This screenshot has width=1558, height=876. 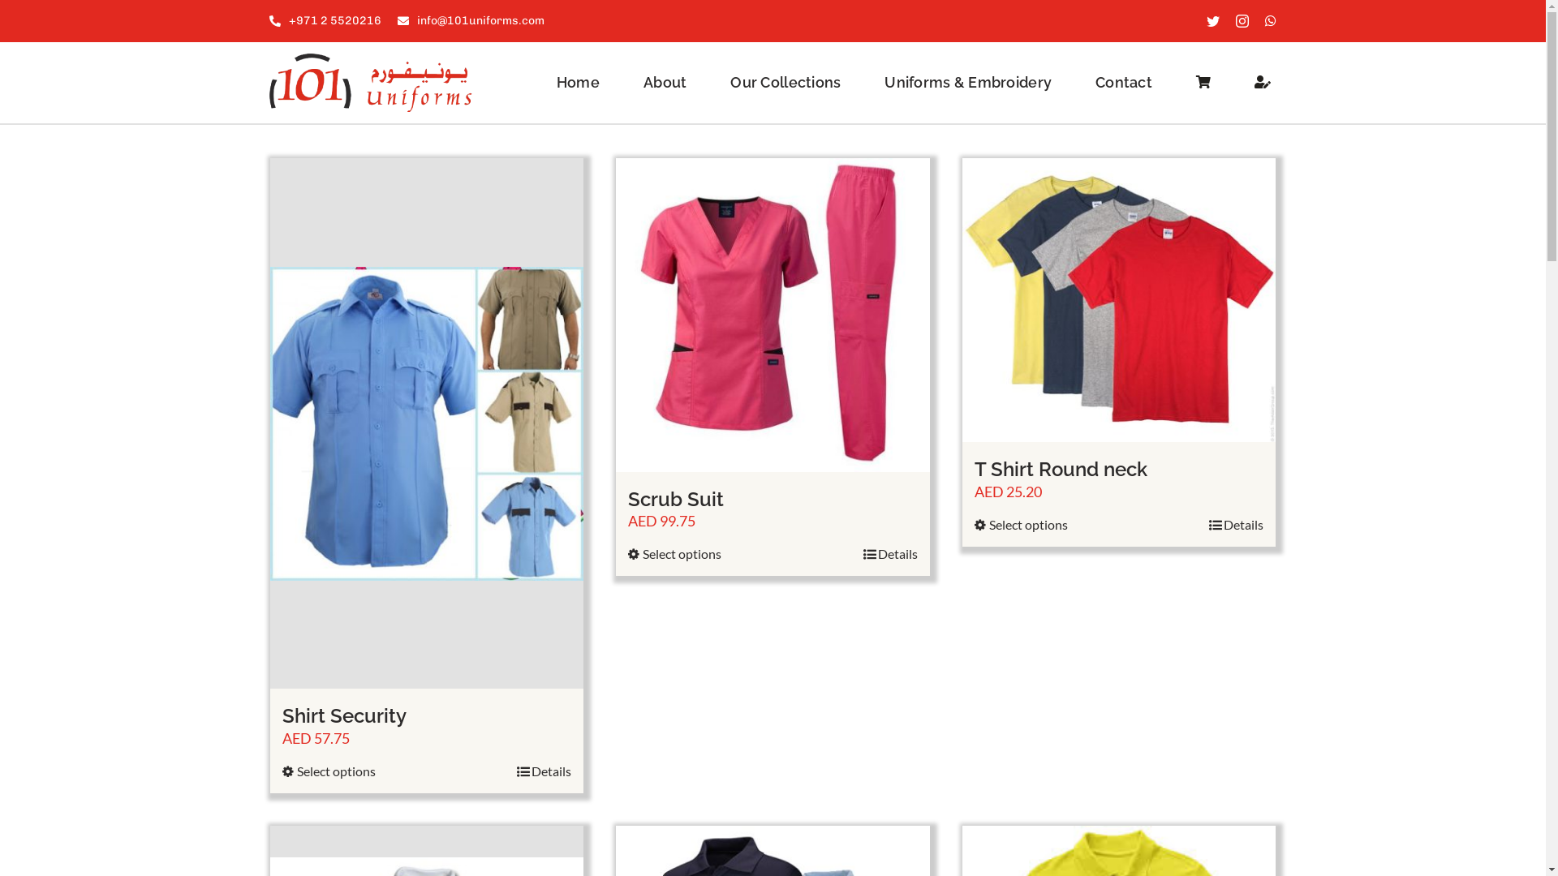 What do you see at coordinates (552, 82) in the screenshot?
I see `'Home'` at bounding box center [552, 82].